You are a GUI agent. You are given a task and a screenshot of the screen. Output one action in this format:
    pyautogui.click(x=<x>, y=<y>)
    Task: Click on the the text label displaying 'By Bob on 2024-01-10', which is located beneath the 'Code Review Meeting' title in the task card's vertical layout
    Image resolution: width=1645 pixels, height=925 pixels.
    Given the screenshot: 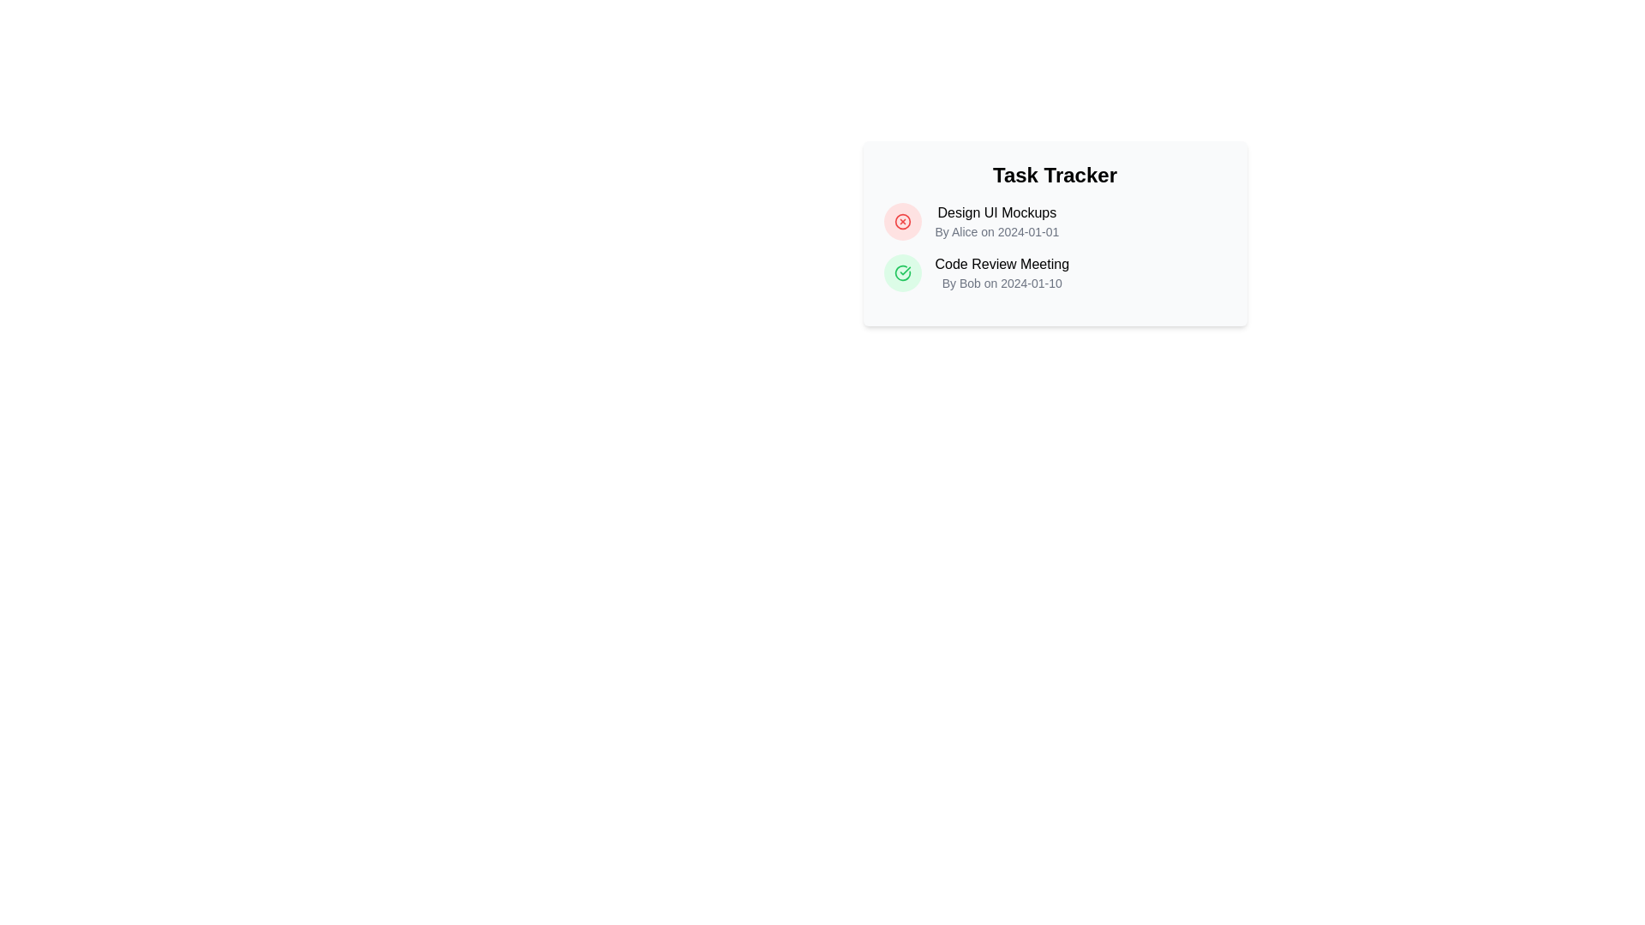 What is the action you would take?
    pyautogui.click(x=1002, y=283)
    